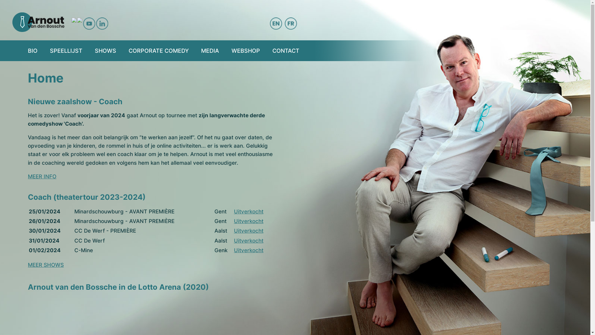 The image size is (595, 335). What do you see at coordinates (272, 50) in the screenshot?
I see `'CONTACT'` at bounding box center [272, 50].